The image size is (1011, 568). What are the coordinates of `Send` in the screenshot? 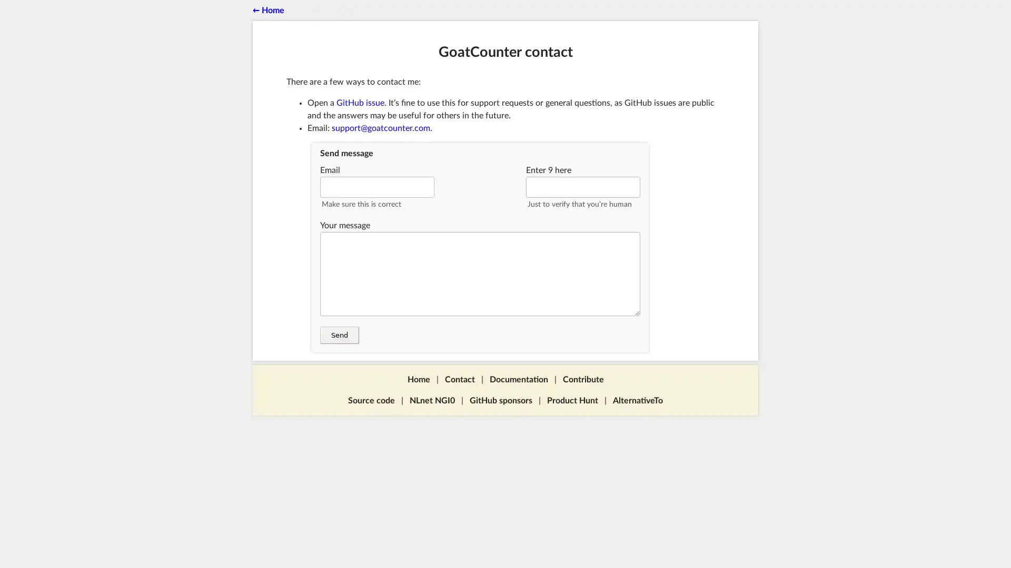 It's located at (339, 335).